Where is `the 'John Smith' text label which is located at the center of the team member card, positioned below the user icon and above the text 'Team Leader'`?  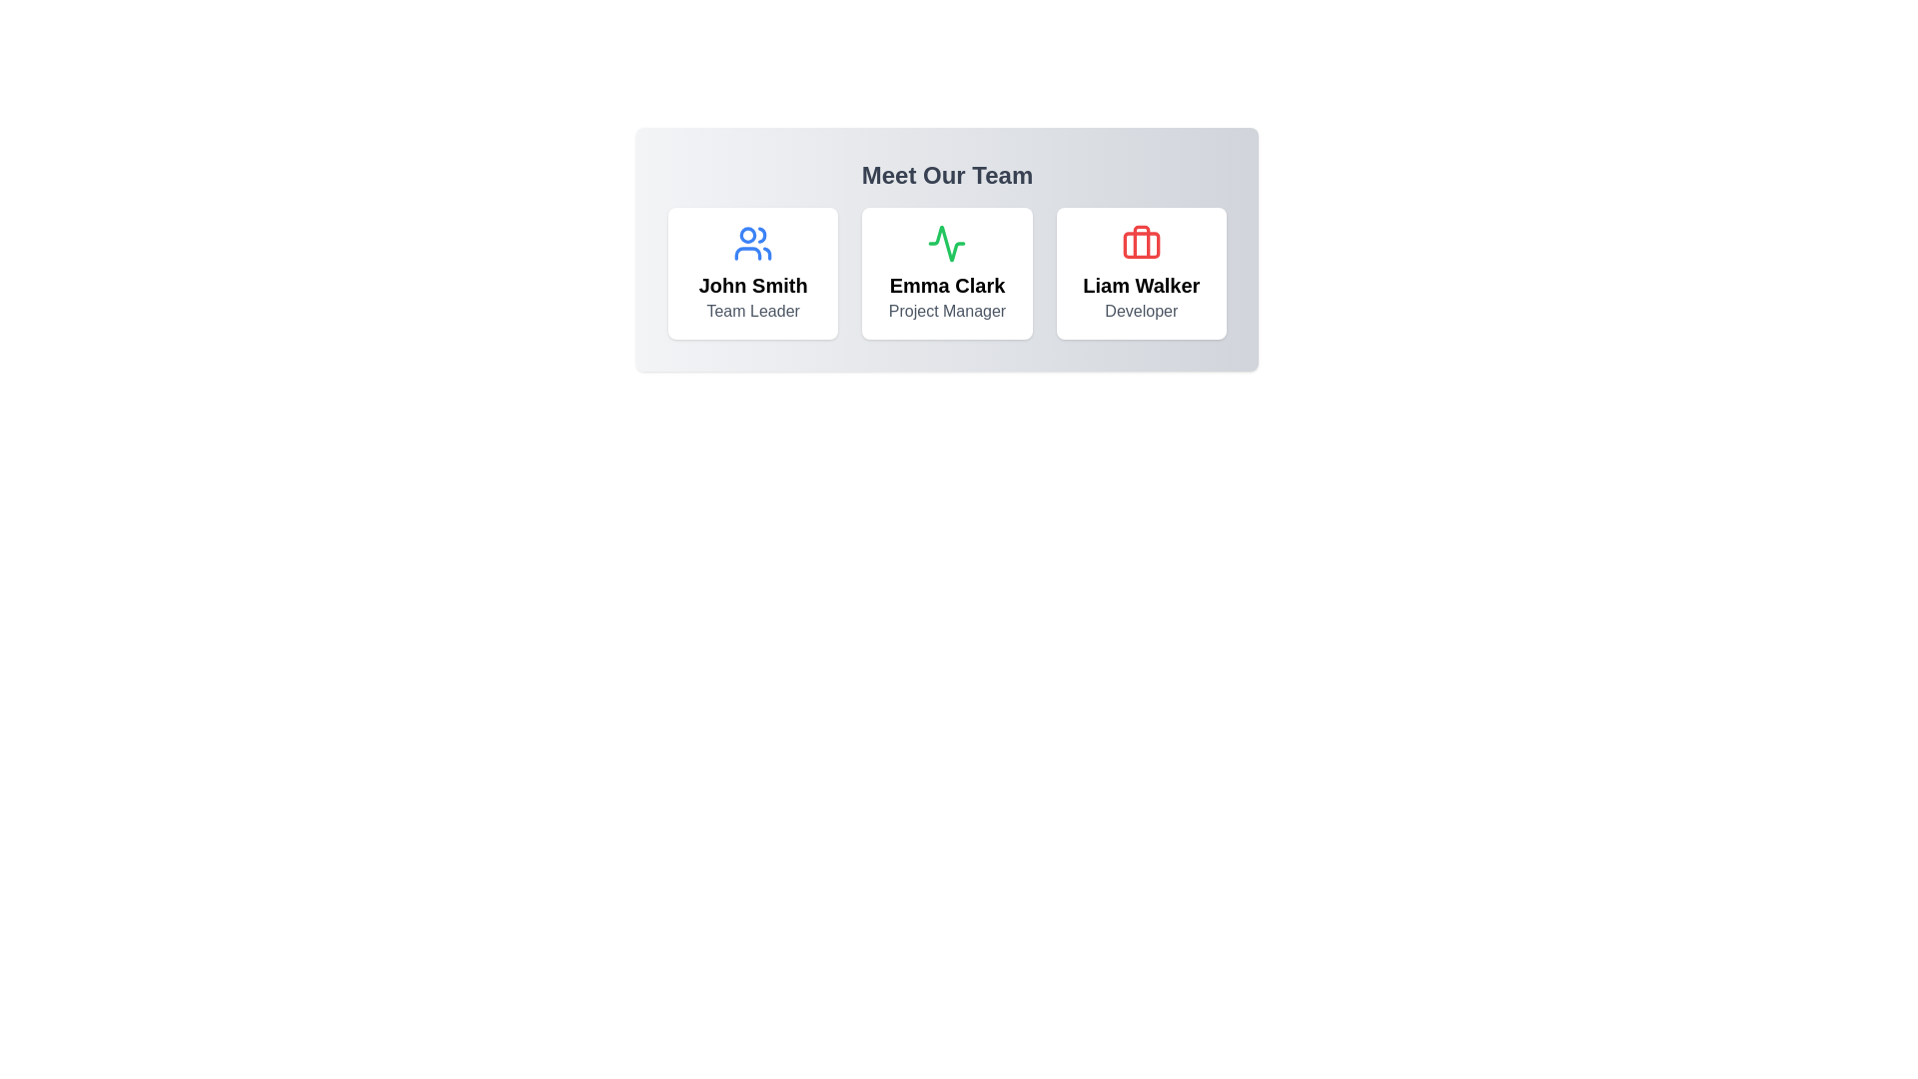
the 'John Smith' text label which is located at the center of the team member card, positioned below the user icon and above the text 'Team Leader' is located at coordinates (752, 285).